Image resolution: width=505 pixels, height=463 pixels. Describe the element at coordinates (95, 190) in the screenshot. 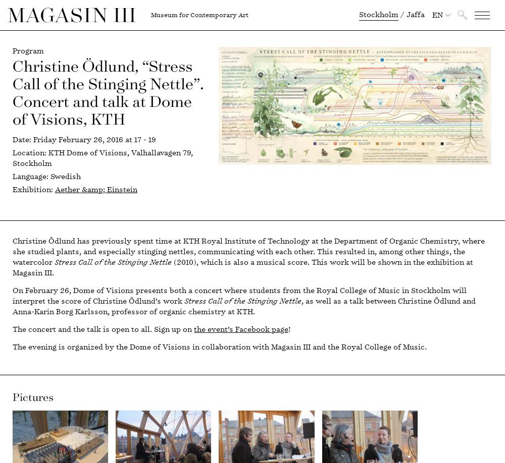

I see `'Aether &amp; Einstein'` at that location.